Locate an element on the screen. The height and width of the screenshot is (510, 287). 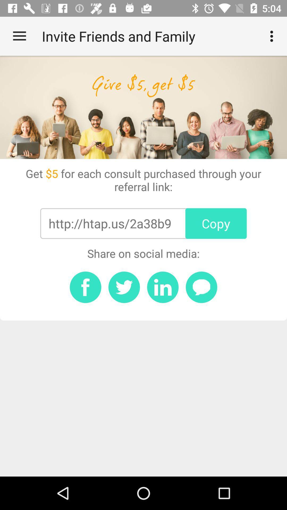
share on linkedin is located at coordinates (162, 287).